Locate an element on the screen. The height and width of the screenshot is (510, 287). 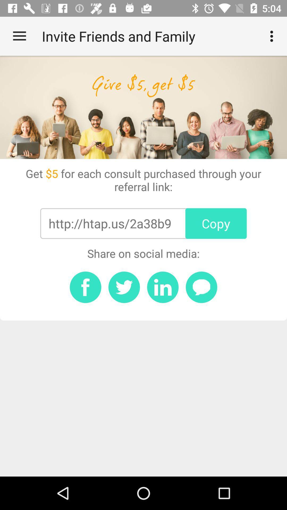
share on linkedin is located at coordinates (162, 287).